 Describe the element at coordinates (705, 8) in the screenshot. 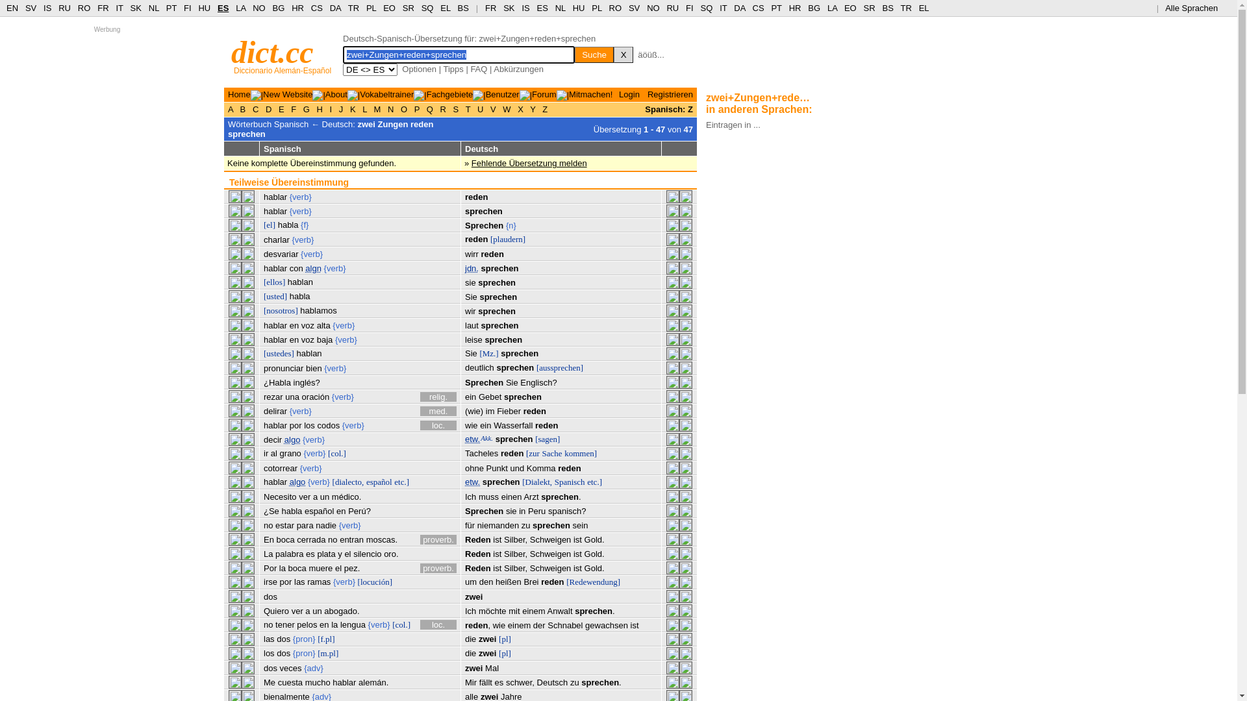

I see `'SQ'` at that location.